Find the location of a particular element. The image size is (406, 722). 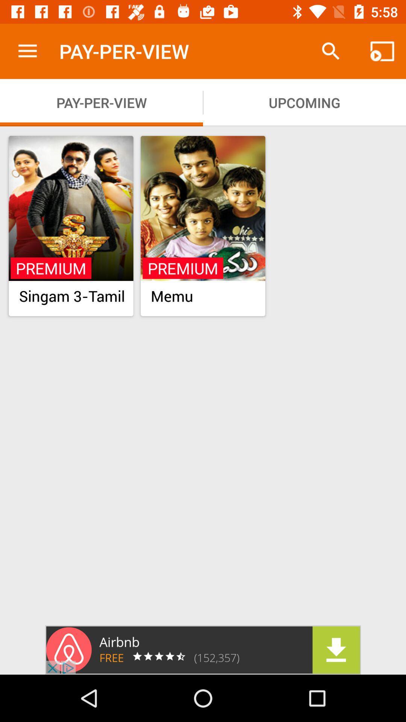

open advertisement is located at coordinates (203, 649).